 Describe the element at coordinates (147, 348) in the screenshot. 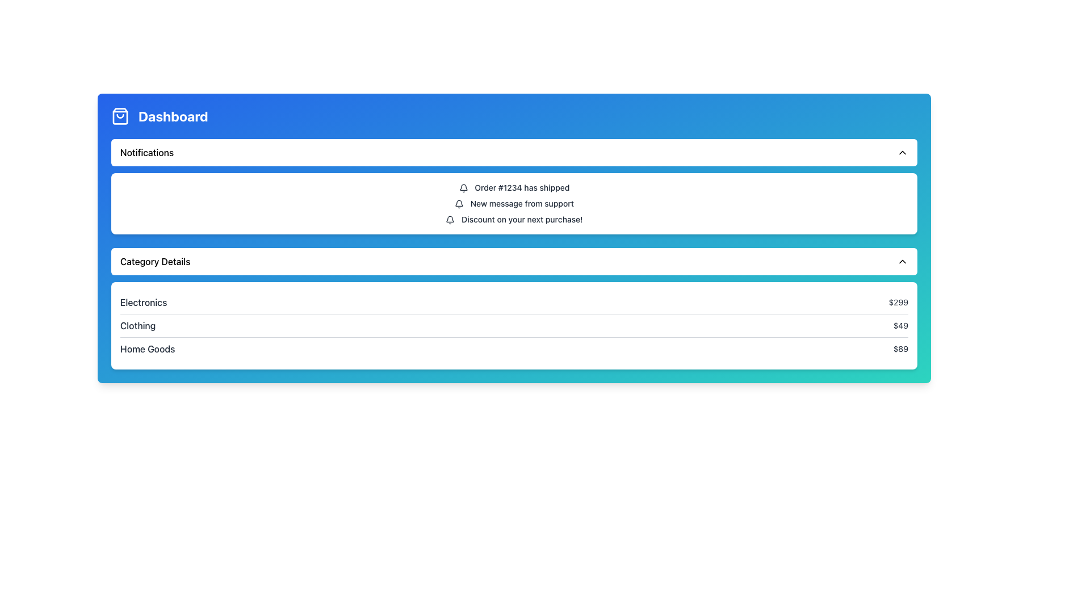

I see `the static text label displaying the category name in the 'Category Details' section under the 'Home Goods' label` at that location.